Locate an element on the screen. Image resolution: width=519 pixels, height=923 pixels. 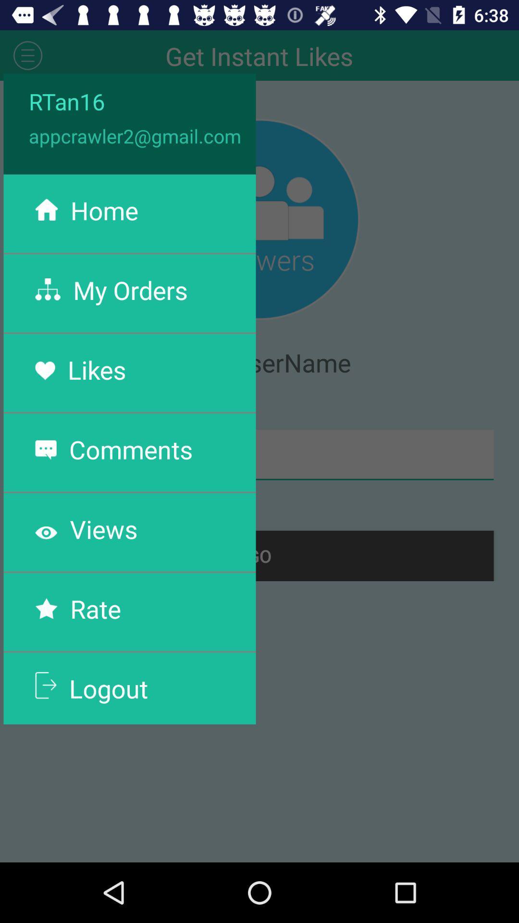
the views icon is located at coordinates (104, 528).